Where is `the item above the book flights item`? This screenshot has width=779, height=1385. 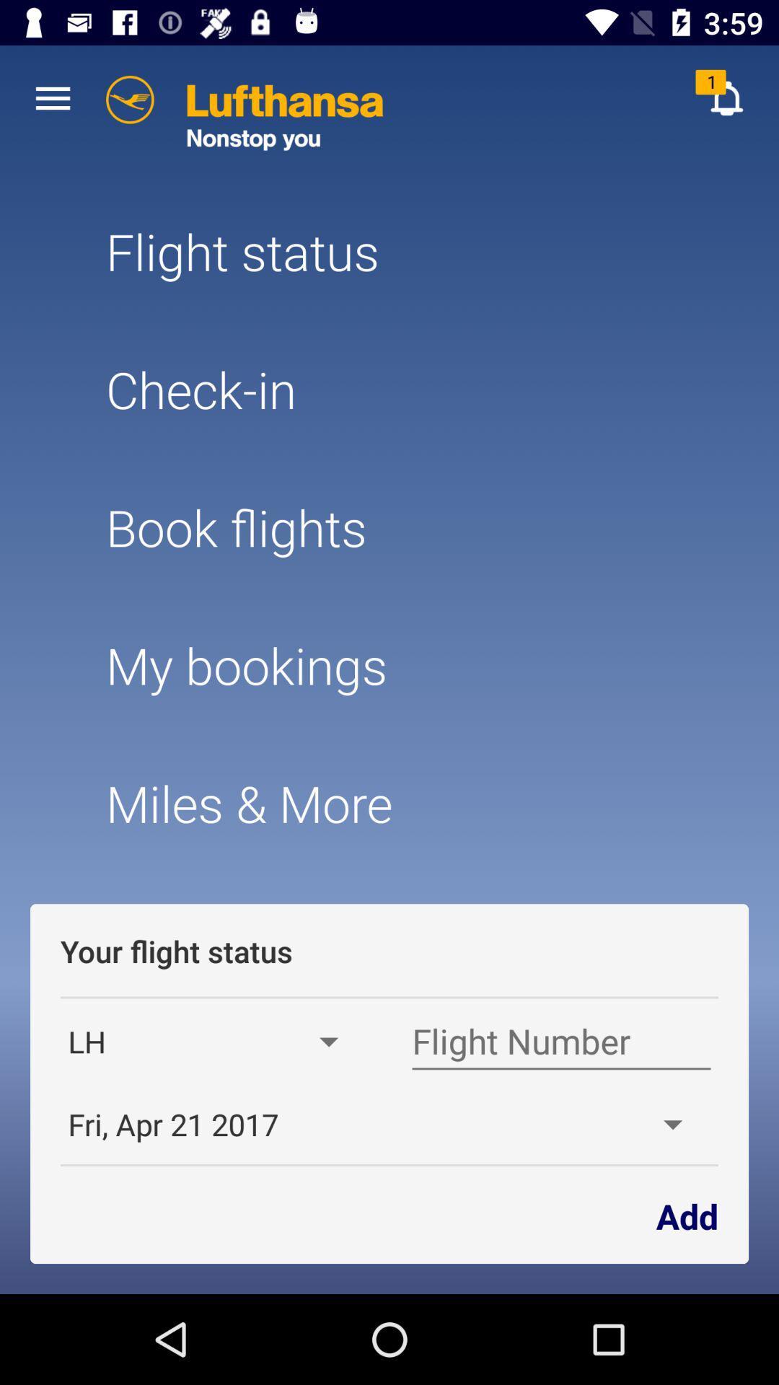
the item above the book flights item is located at coordinates (389, 389).